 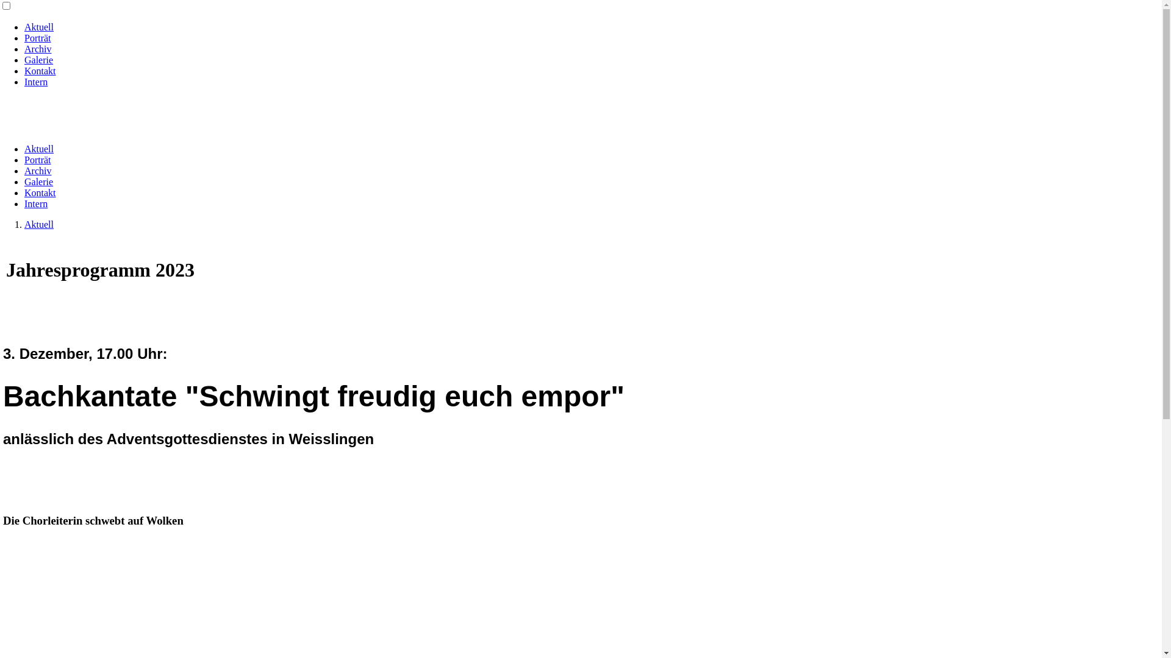 What do you see at coordinates (38, 27) in the screenshot?
I see `'Aktuell'` at bounding box center [38, 27].